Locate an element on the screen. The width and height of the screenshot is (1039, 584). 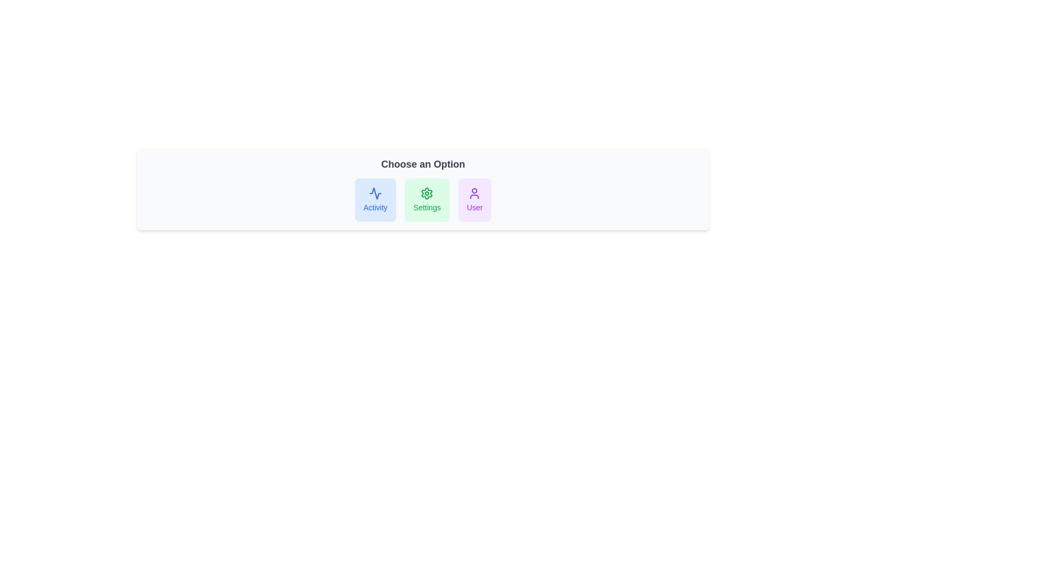
the 'Settings' button, which is the second option in a group of three distinct options styled as cards beneath the 'Choose an Option' heading is located at coordinates (423, 200).